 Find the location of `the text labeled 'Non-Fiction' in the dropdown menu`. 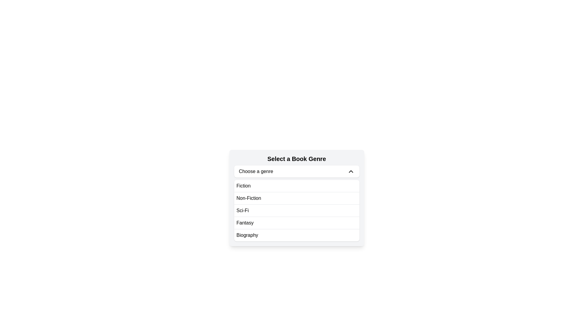

the text labeled 'Non-Fiction' in the dropdown menu is located at coordinates (249, 198).